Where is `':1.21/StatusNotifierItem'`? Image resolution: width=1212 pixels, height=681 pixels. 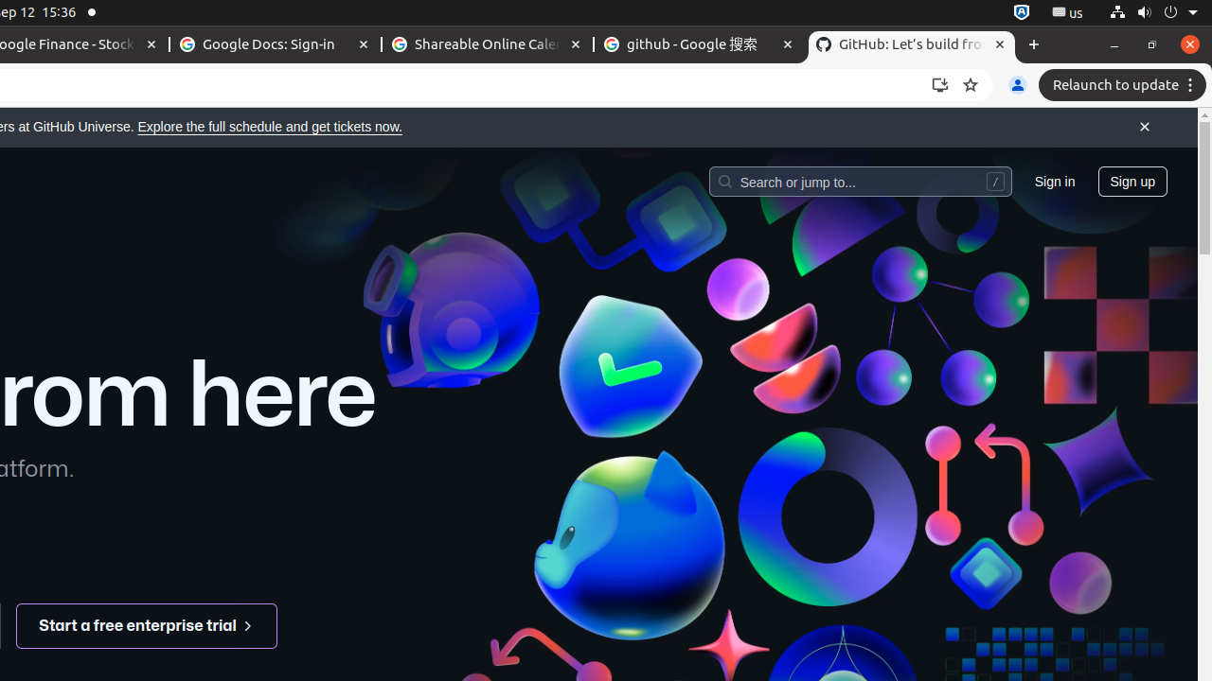 ':1.21/StatusNotifierItem' is located at coordinates (1067, 12).